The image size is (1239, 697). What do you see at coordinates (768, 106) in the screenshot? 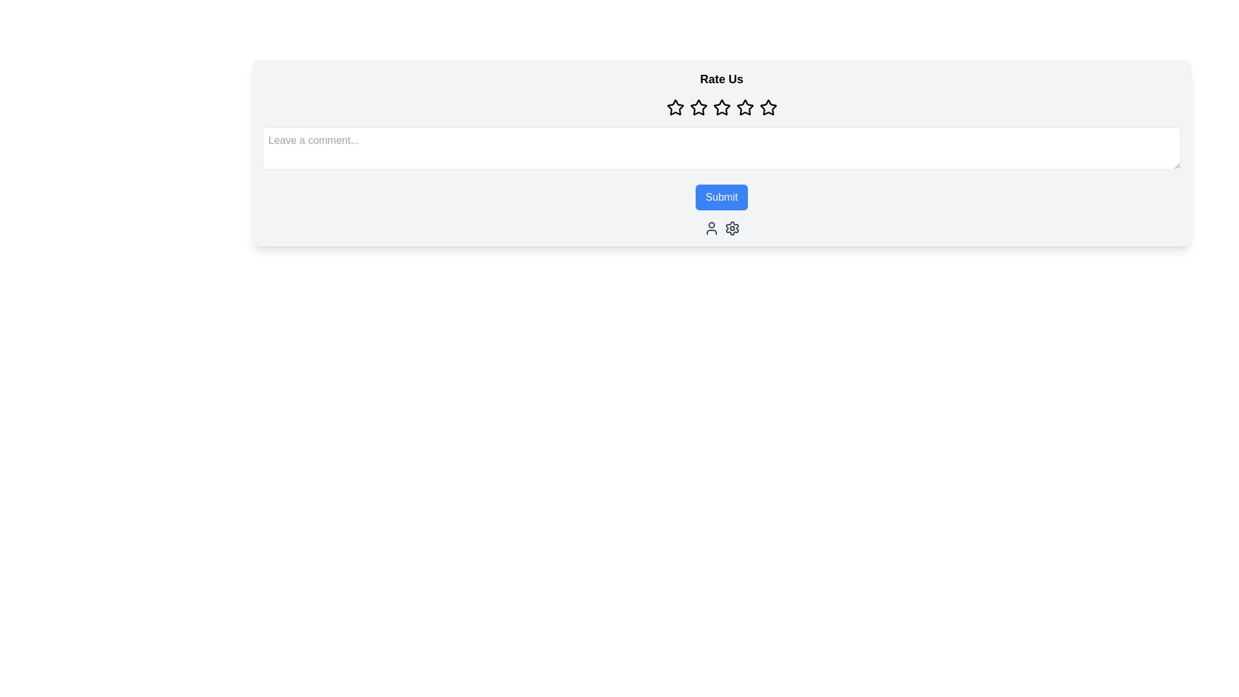
I see `the fifth star in the rating interface under the 'Rate Us' heading` at bounding box center [768, 106].